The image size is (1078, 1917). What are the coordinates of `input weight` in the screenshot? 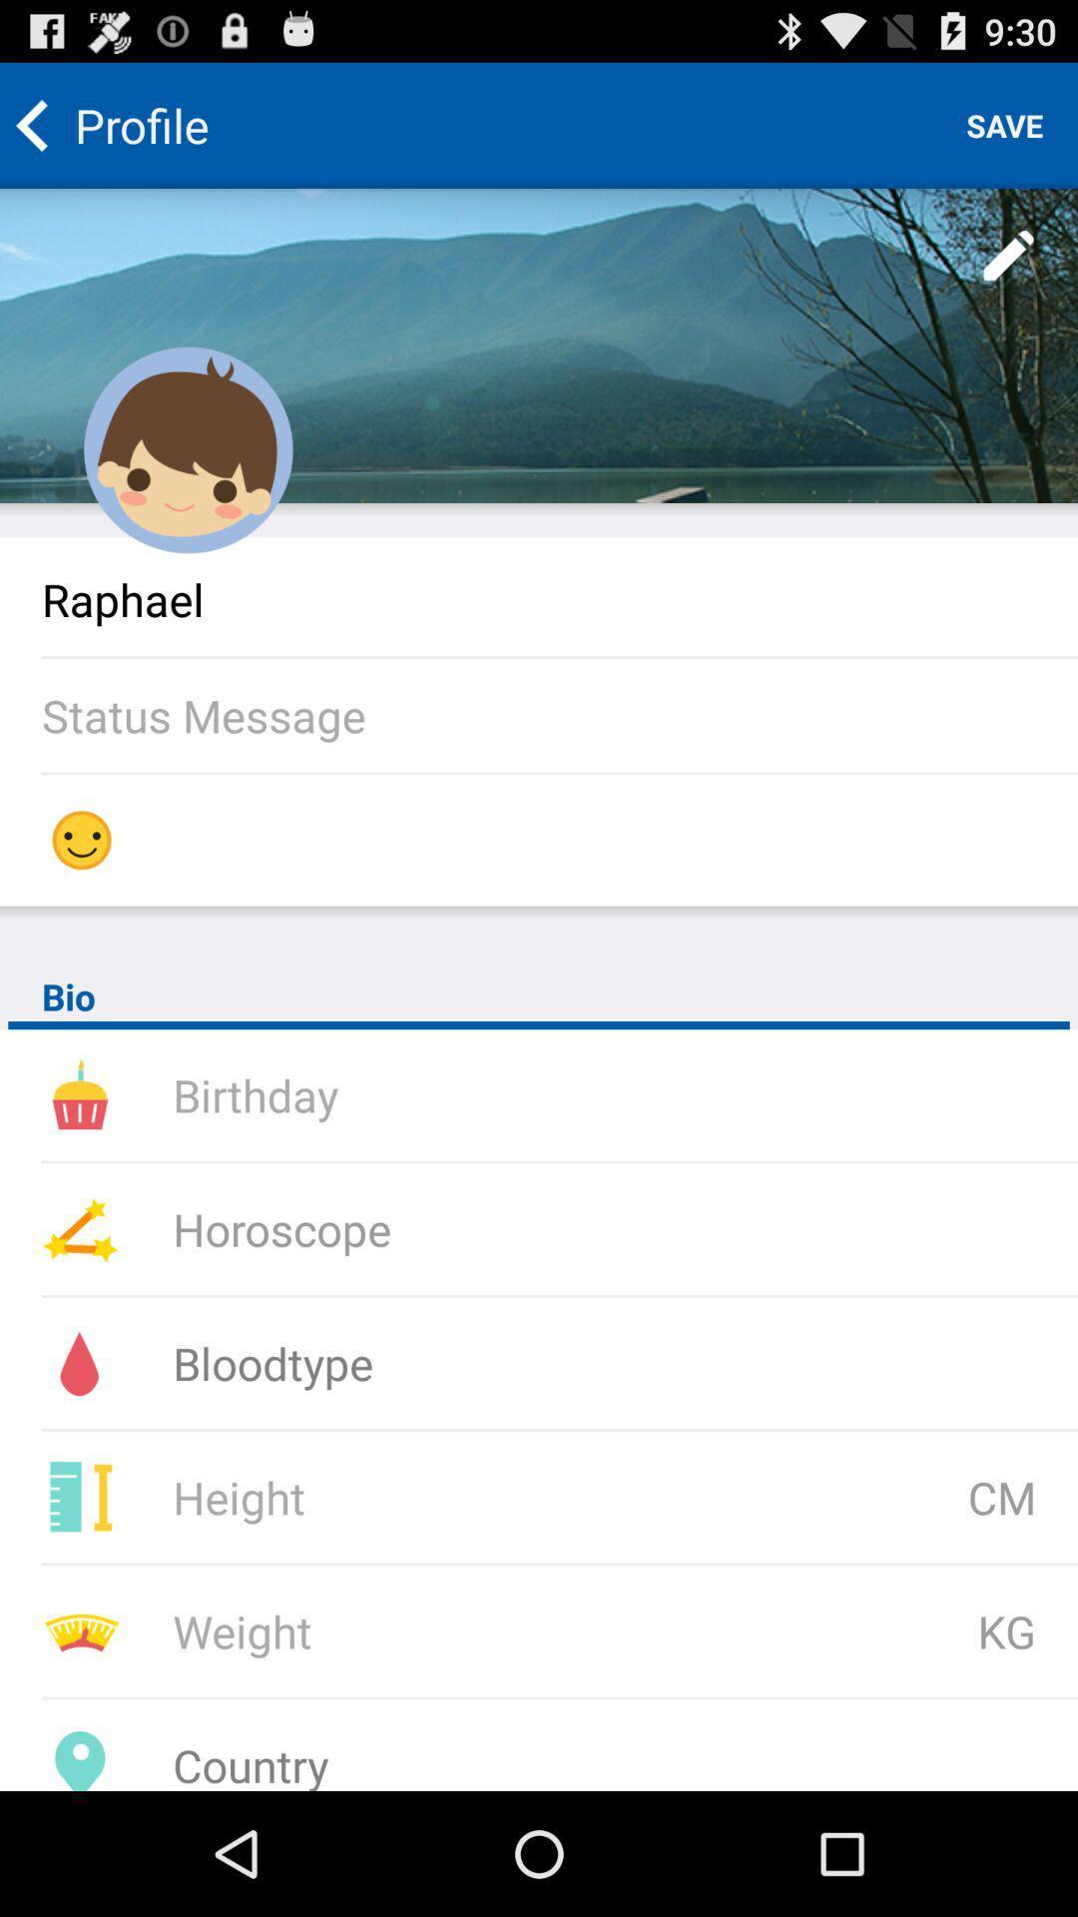 It's located at (433, 1630).